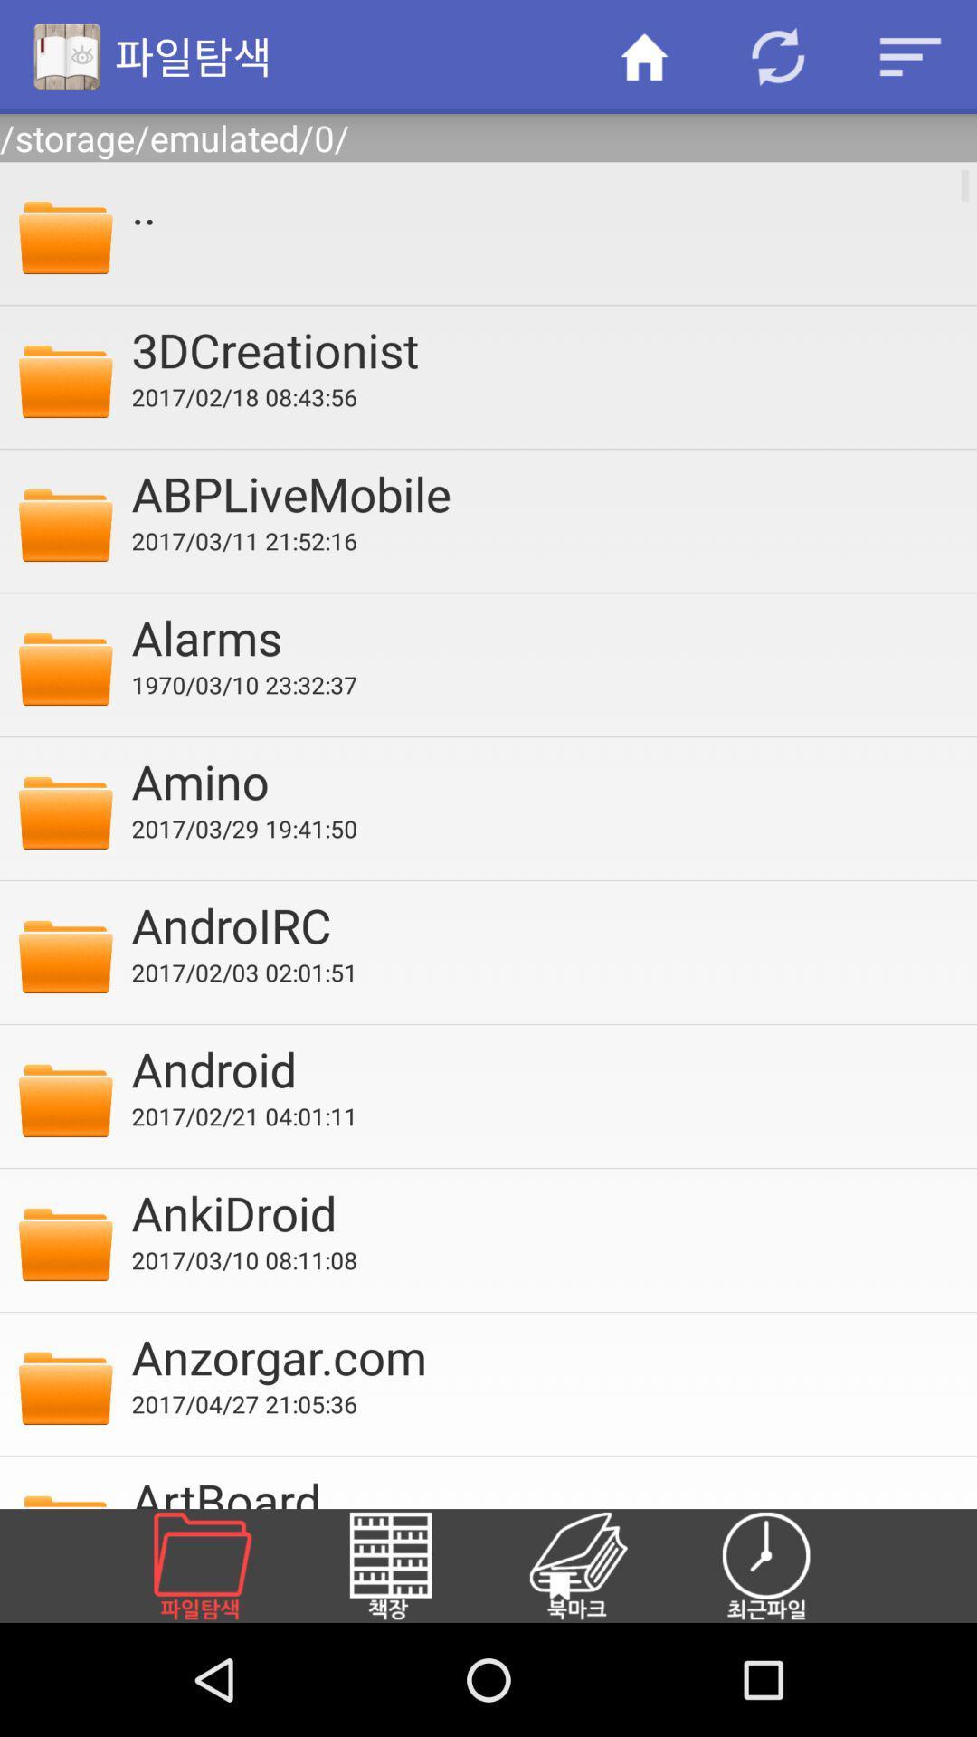 This screenshot has width=977, height=1737. Describe the element at coordinates (787, 1565) in the screenshot. I see `clock icon` at that location.